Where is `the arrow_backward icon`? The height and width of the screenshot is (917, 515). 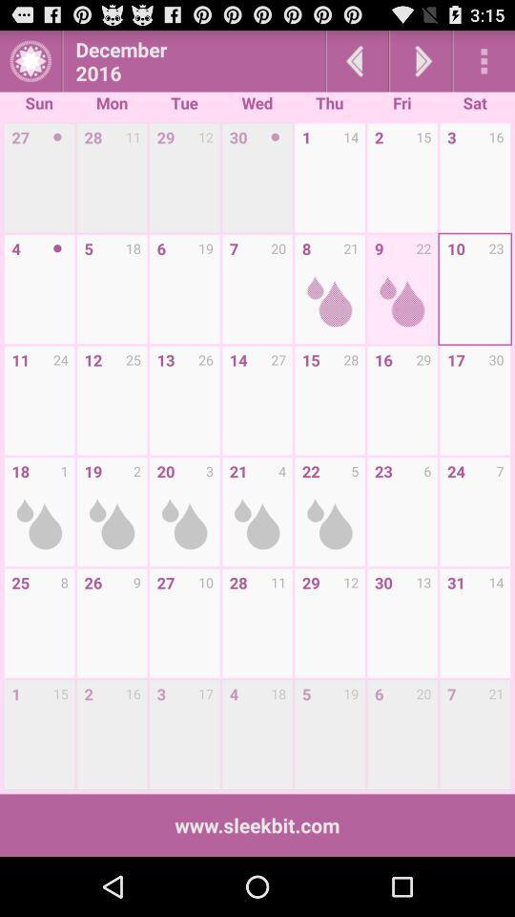 the arrow_backward icon is located at coordinates (357, 65).